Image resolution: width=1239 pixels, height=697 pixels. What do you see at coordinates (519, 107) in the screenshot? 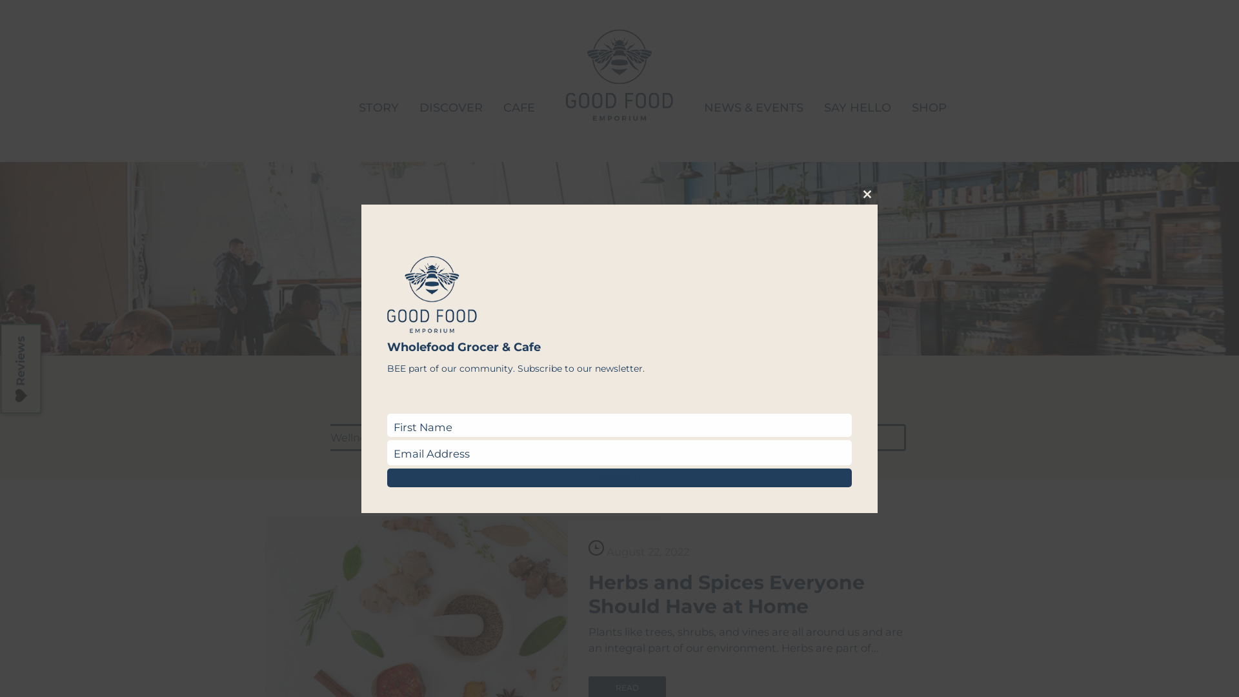
I see `'CAFE'` at bounding box center [519, 107].